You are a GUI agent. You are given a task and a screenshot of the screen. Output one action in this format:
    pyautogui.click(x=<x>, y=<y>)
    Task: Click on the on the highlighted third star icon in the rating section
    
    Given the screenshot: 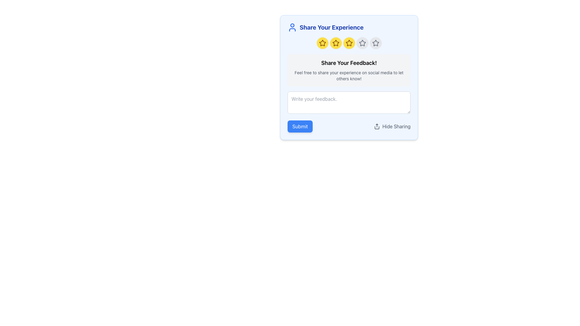 What is the action you would take?
    pyautogui.click(x=349, y=43)
    